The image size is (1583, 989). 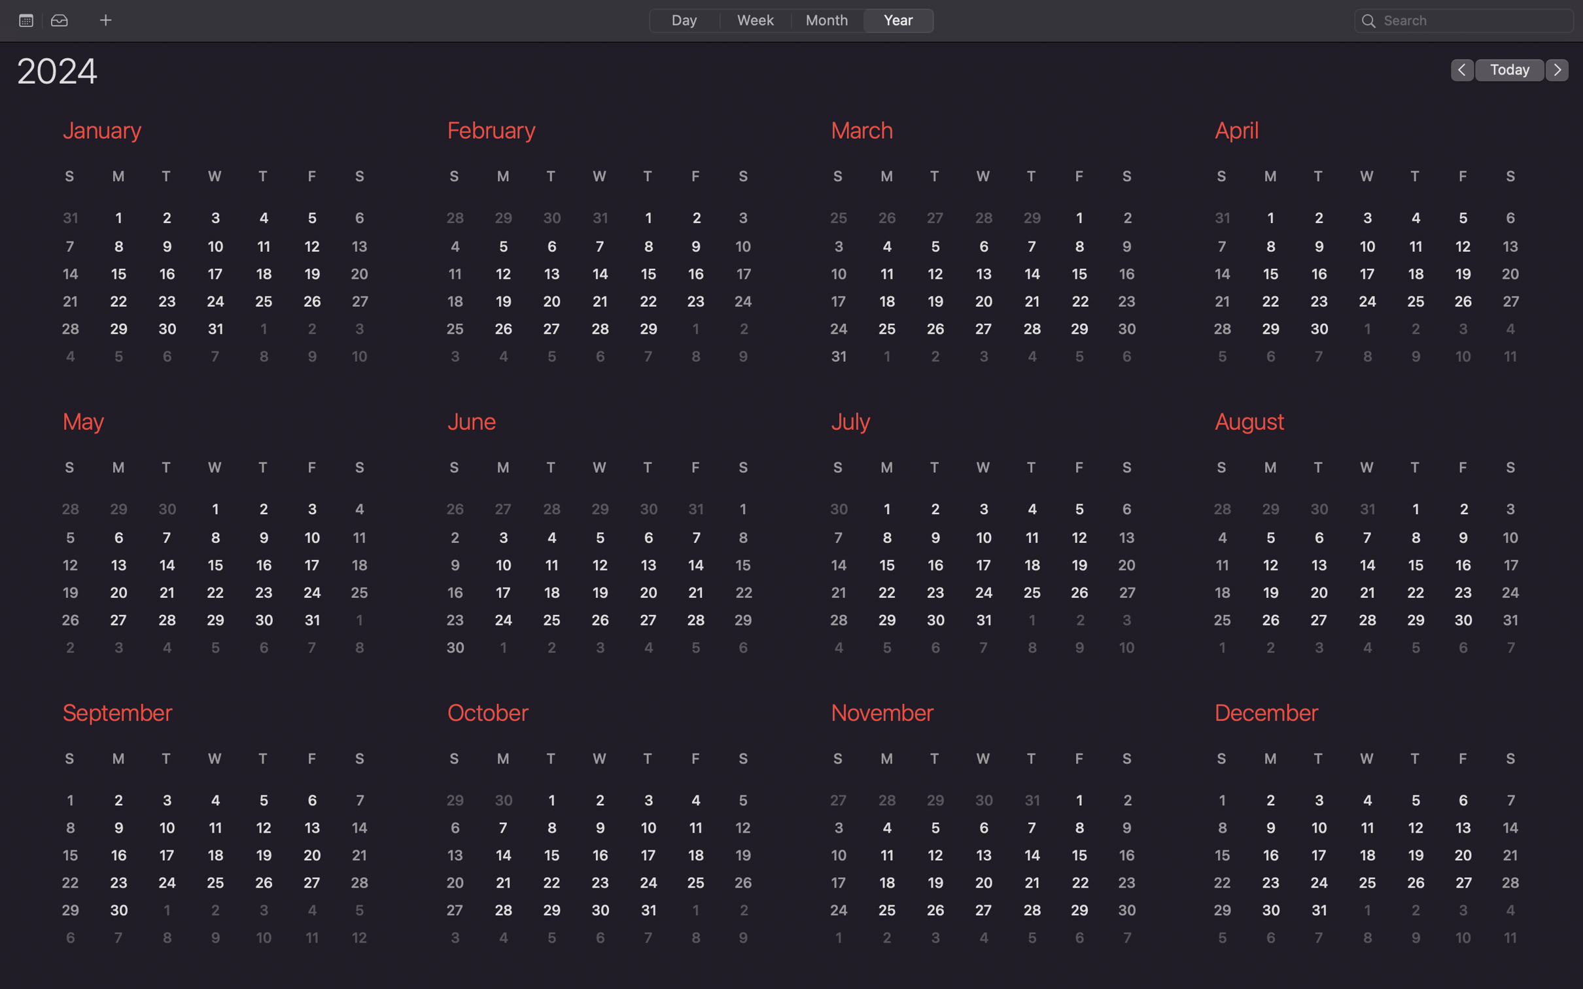 I want to click on Navigate and select the August month on the calendar, so click(x=1361, y=537).